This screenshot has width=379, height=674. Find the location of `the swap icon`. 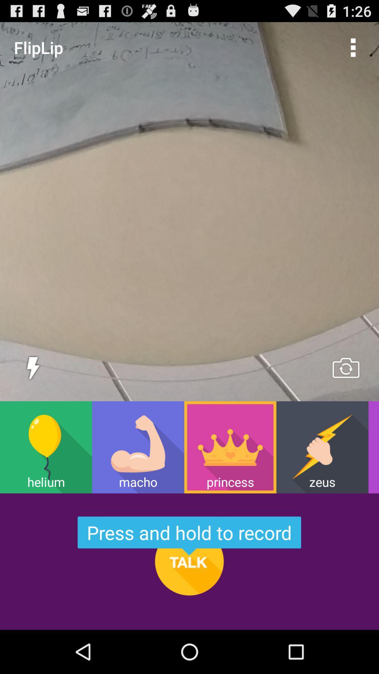

the swap icon is located at coordinates (345, 394).